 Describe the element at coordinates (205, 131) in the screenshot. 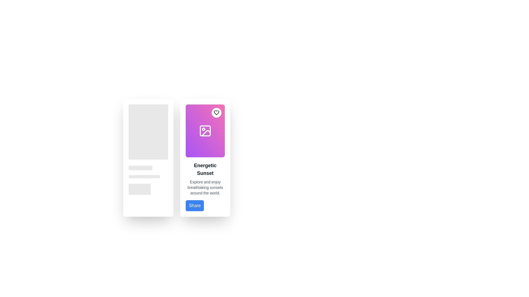

I see `the rectangular icon with rounded corners located within a card-like structure on the right side of the interface` at that location.